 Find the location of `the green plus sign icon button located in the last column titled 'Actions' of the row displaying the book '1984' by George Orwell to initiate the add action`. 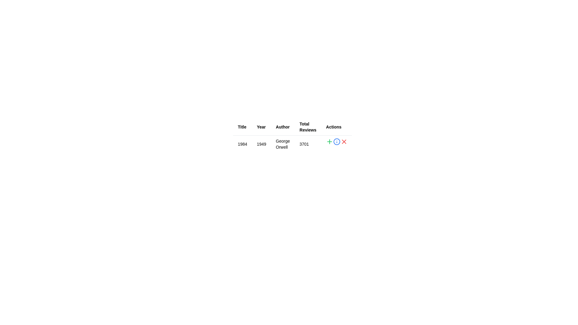

the green plus sign icon button located in the last column titled 'Actions' of the row displaying the book '1984' by George Orwell to initiate the add action is located at coordinates (329, 141).